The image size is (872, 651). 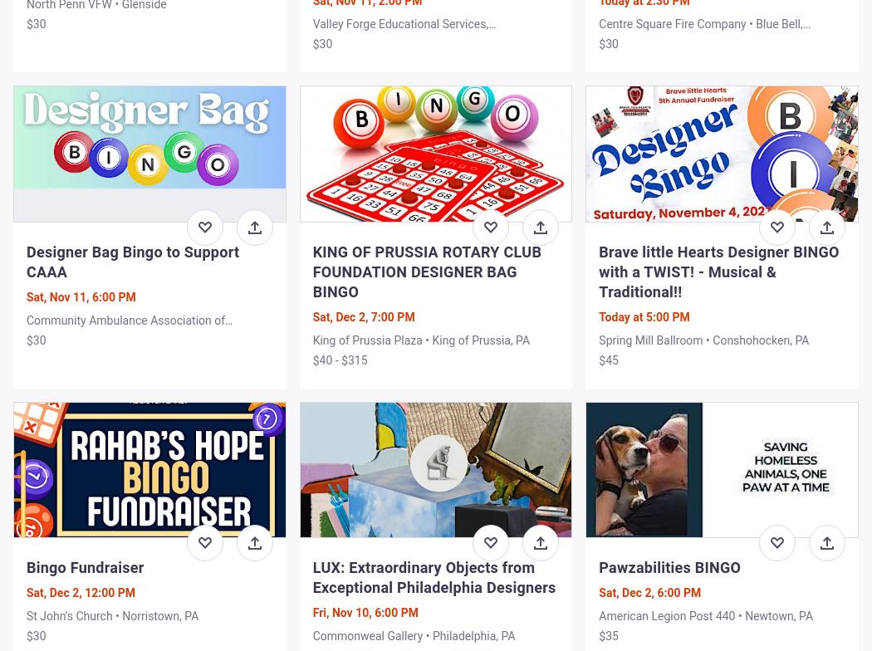 I want to click on '$45', so click(x=607, y=360).